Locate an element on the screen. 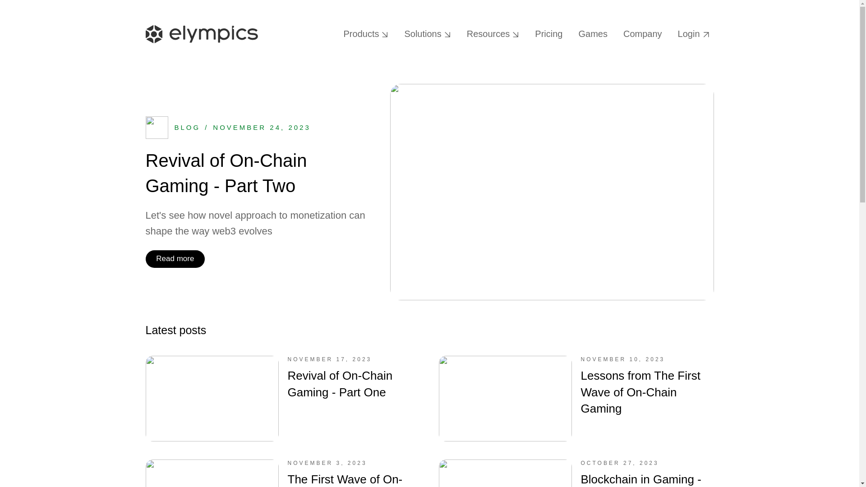 This screenshot has width=866, height=487. 'Read more' is located at coordinates (175, 259).